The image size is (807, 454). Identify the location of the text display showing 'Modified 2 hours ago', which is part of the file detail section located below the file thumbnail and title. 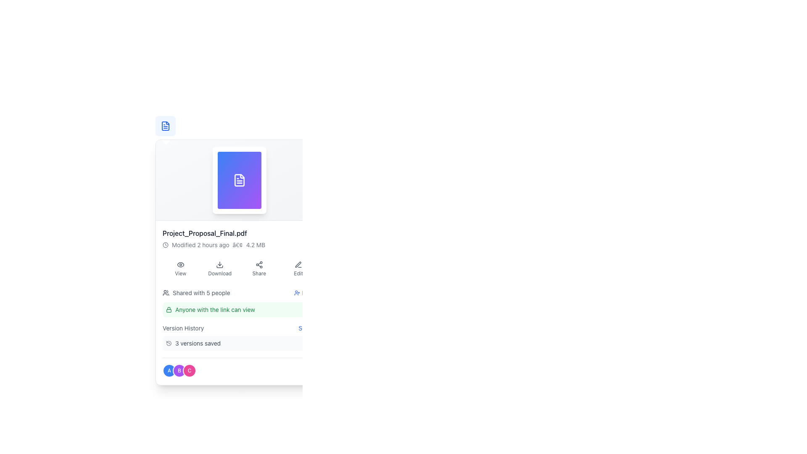
(200, 245).